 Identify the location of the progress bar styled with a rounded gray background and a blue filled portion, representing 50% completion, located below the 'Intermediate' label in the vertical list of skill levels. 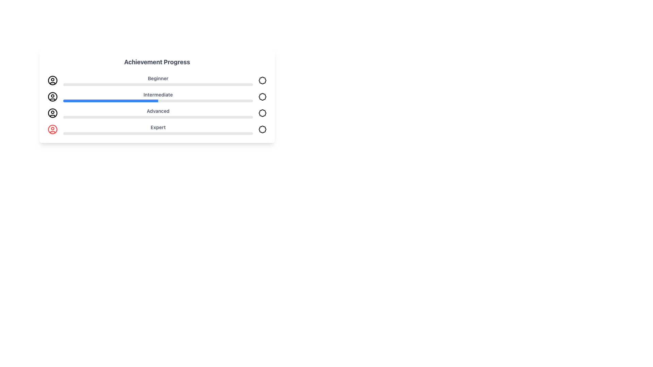
(158, 101).